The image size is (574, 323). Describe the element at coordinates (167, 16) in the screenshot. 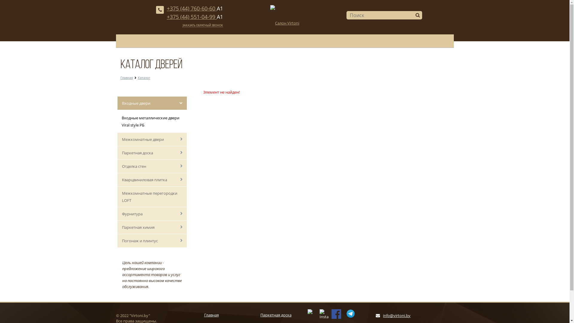

I see `'+375 (44) 551-04-99'` at that location.